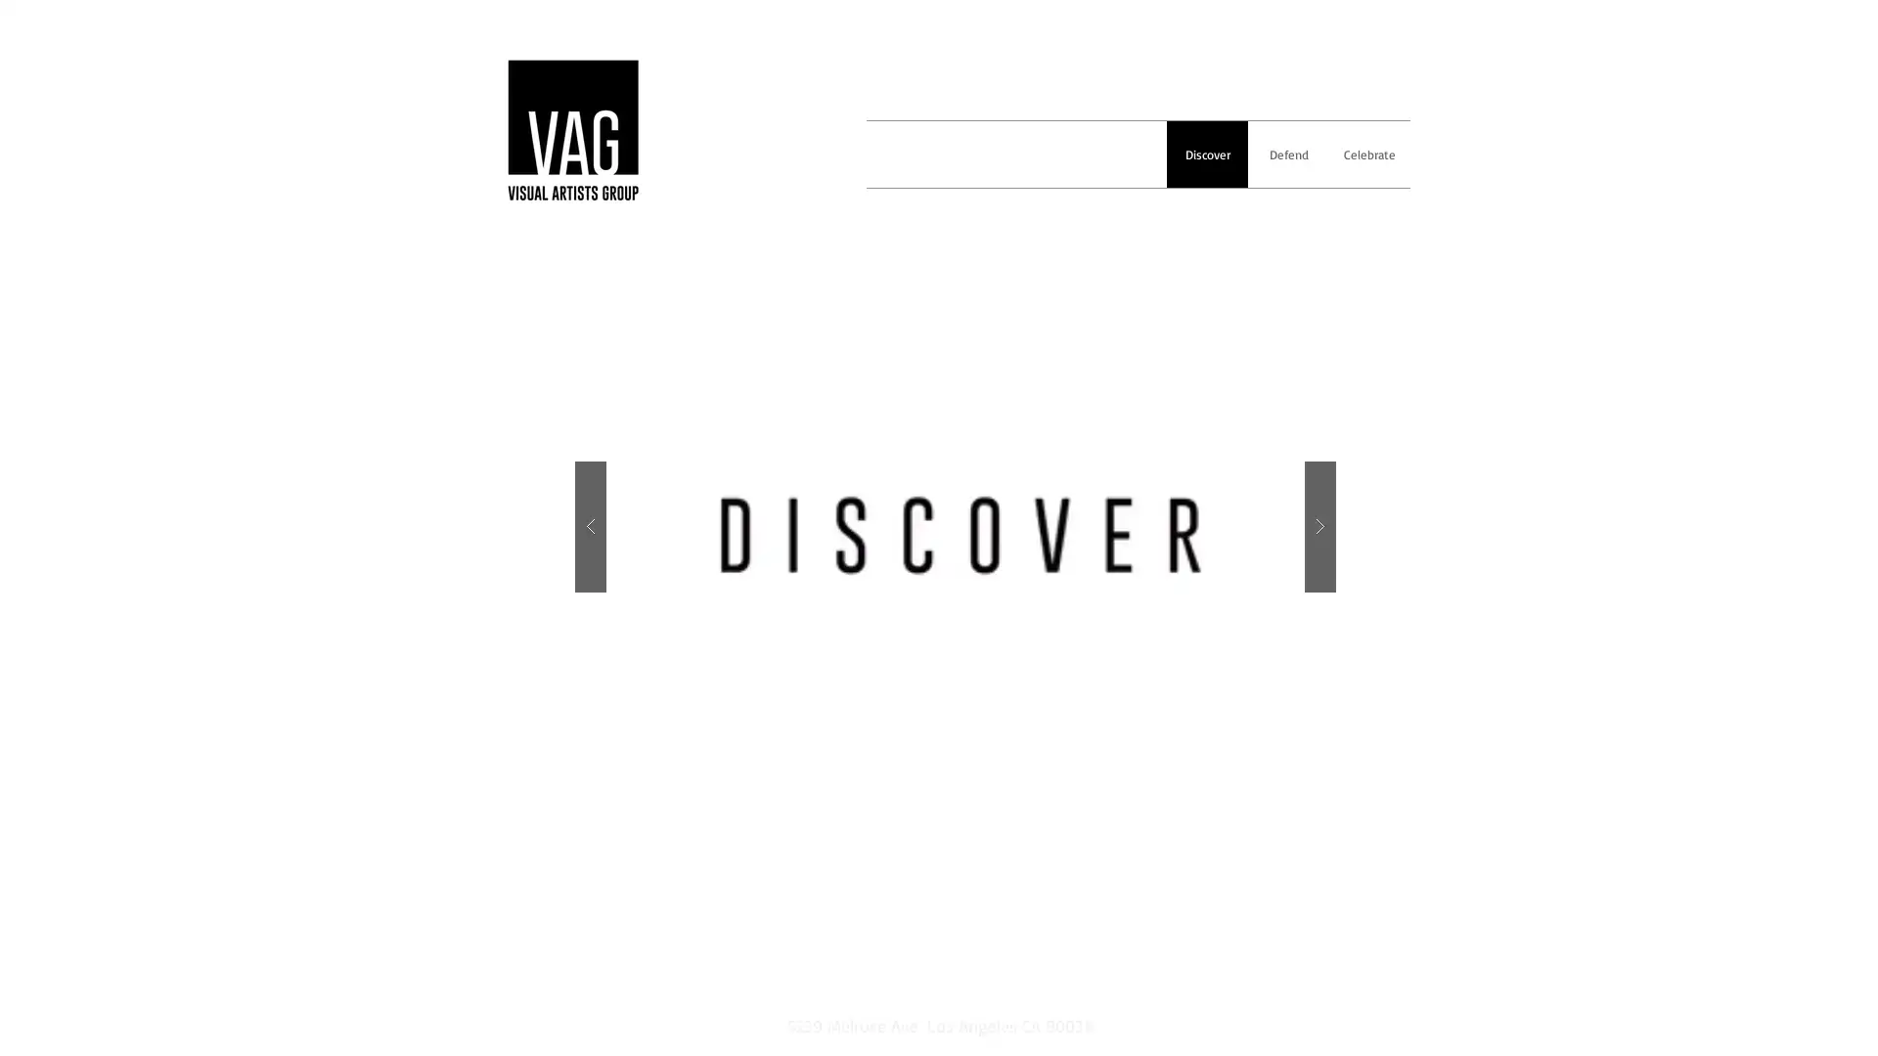  Describe the element at coordinates (590, 526) in the screenshot. I see `previous` at that location.